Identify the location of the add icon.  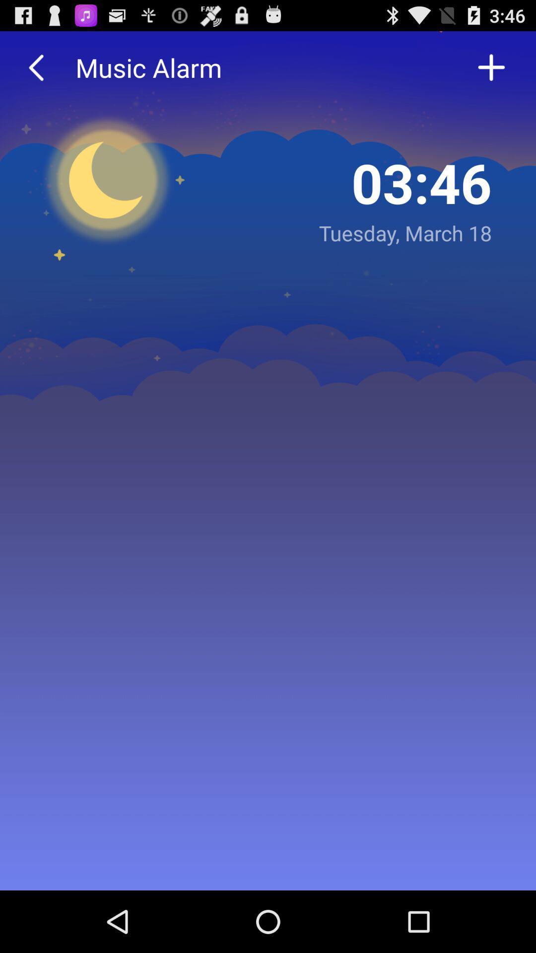
(491, 72).